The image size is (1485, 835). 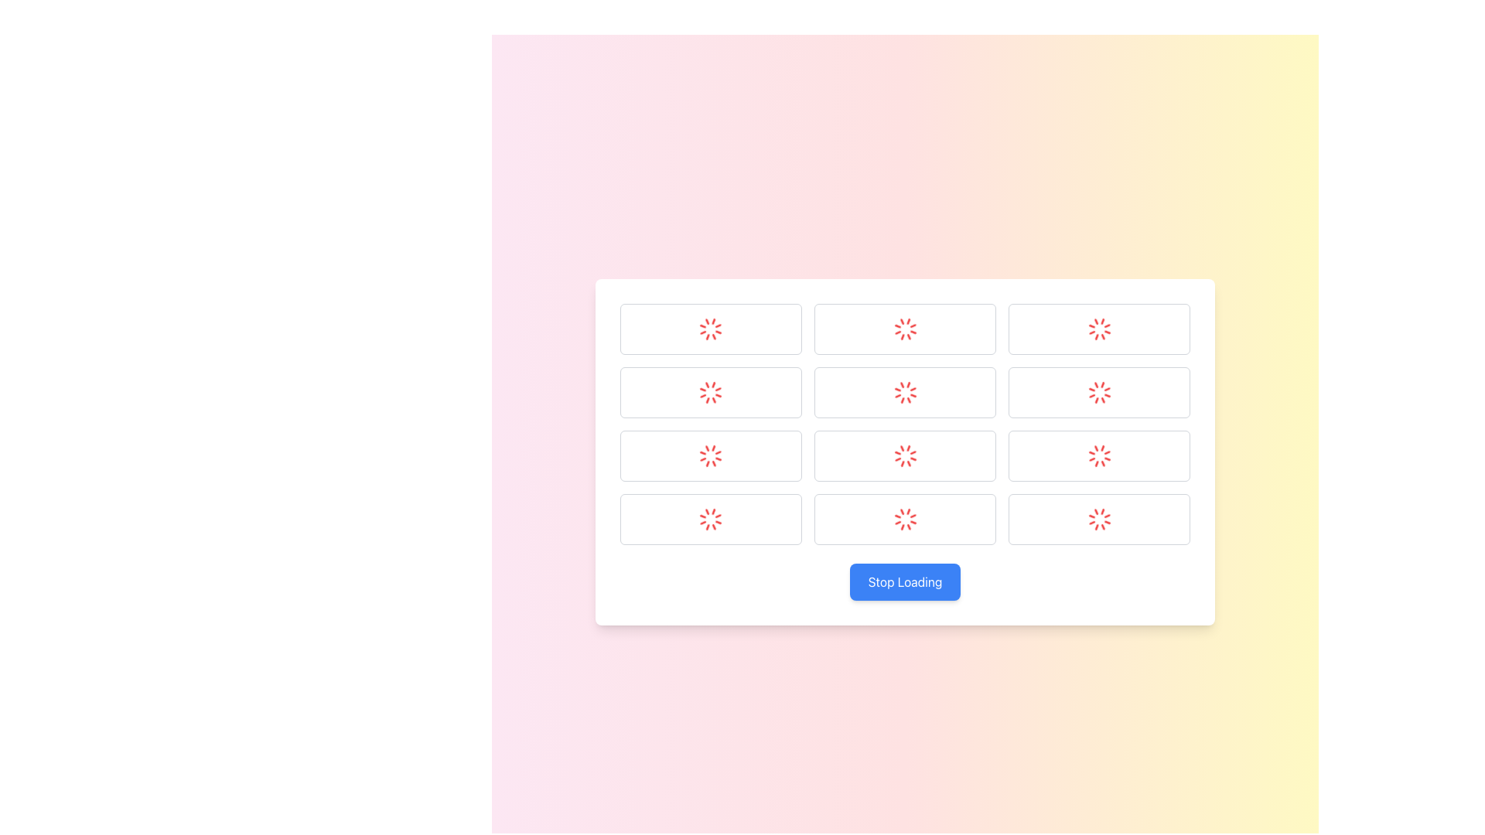 I want to click on the loading icon located in the second row, first column of the grid layout, indicating an ongoing process, so click(x=710, y=392).